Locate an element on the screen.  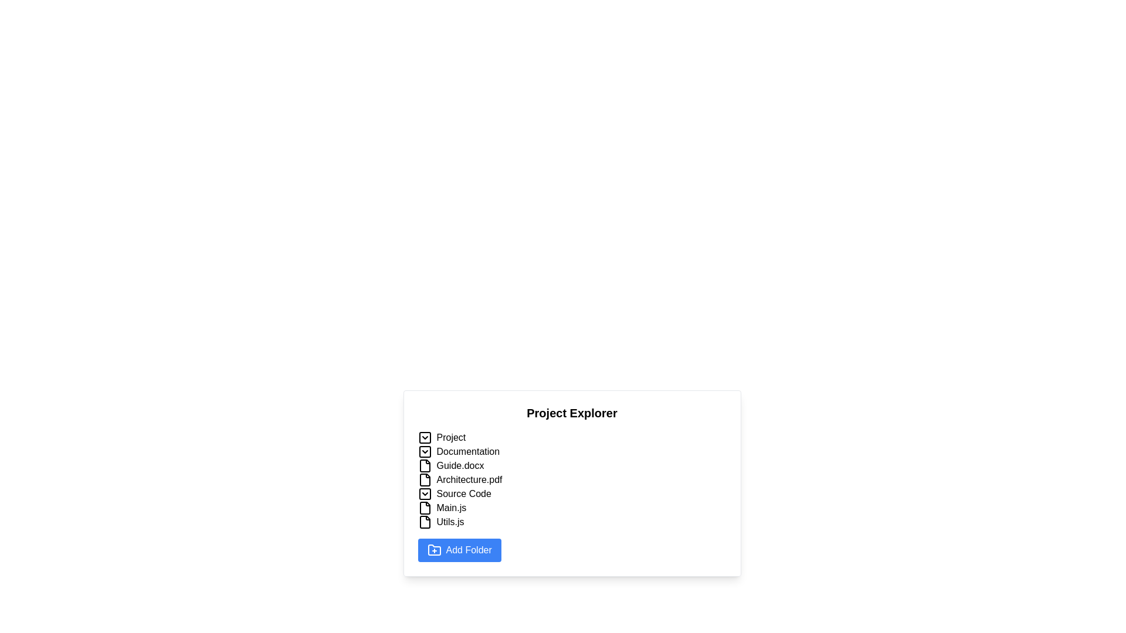
the text label 'Utils.js' in the Project Explorer is located at coordinates (450, 522).